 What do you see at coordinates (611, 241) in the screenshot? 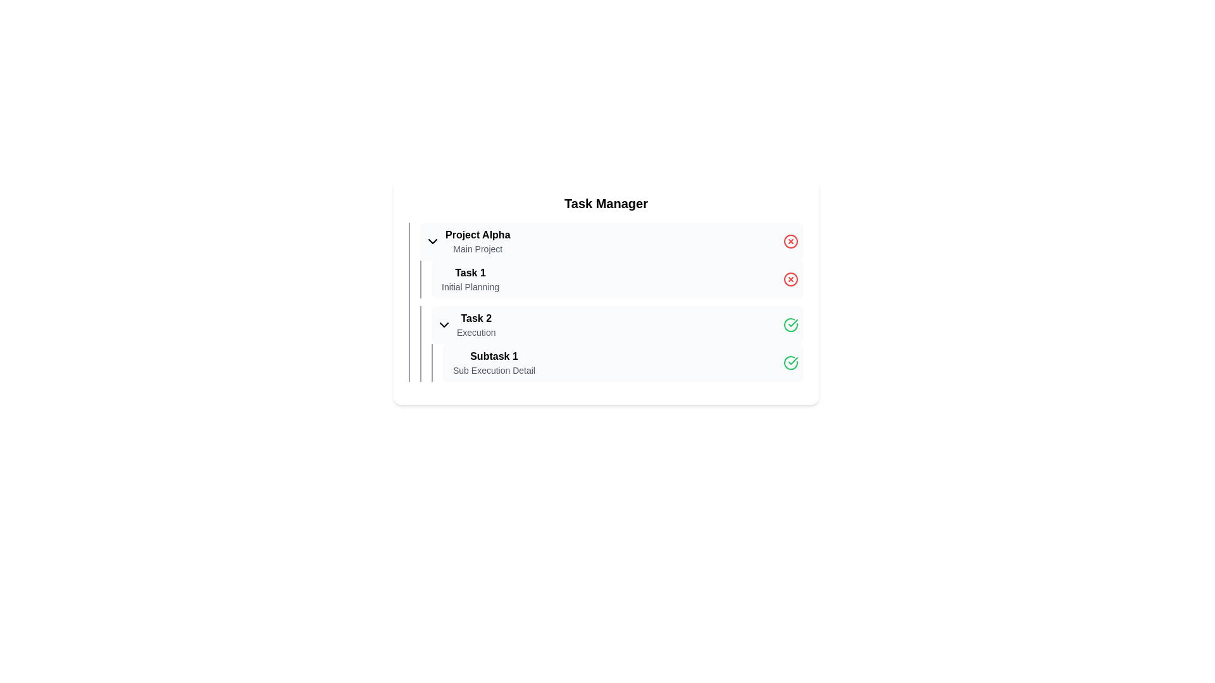
I see `the Expandable list item labeled 'Project Alpha' with a subtitle 'Main Project' and a red circular delete icon on the right` at bounding box center [611, 241].